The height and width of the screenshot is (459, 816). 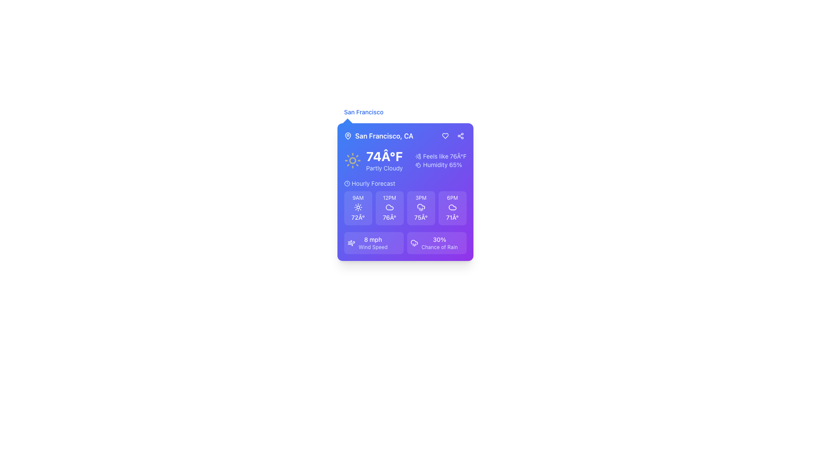 I want to click on temperature forecast displayed in the text element located below the '9AM' label and sun icon, centered in the first box of hourly forecasts, so click(x=358, y=217).